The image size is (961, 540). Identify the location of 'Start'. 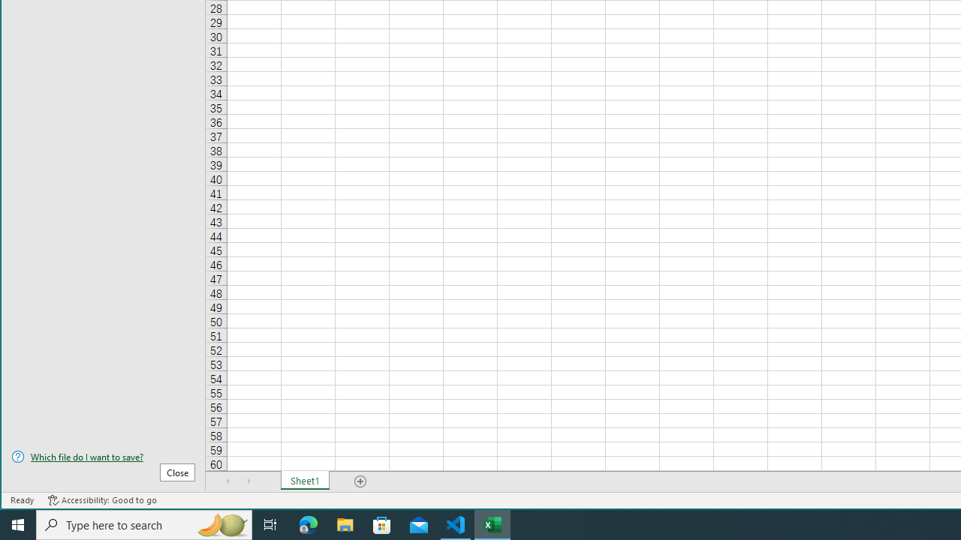
(18, 523).